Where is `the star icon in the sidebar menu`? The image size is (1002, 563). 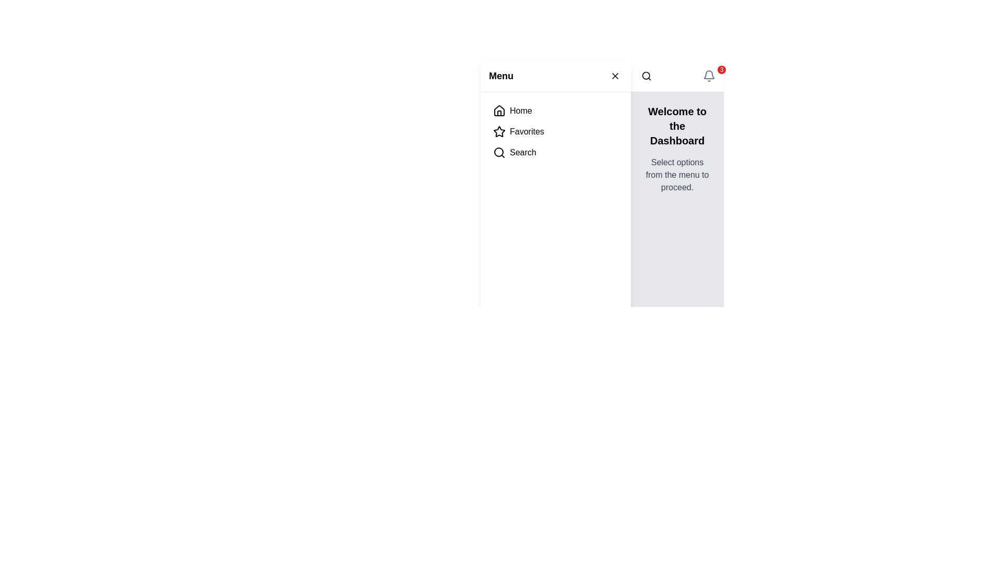 the star icon in the sidebar menu is located at coordinates (498, 131).